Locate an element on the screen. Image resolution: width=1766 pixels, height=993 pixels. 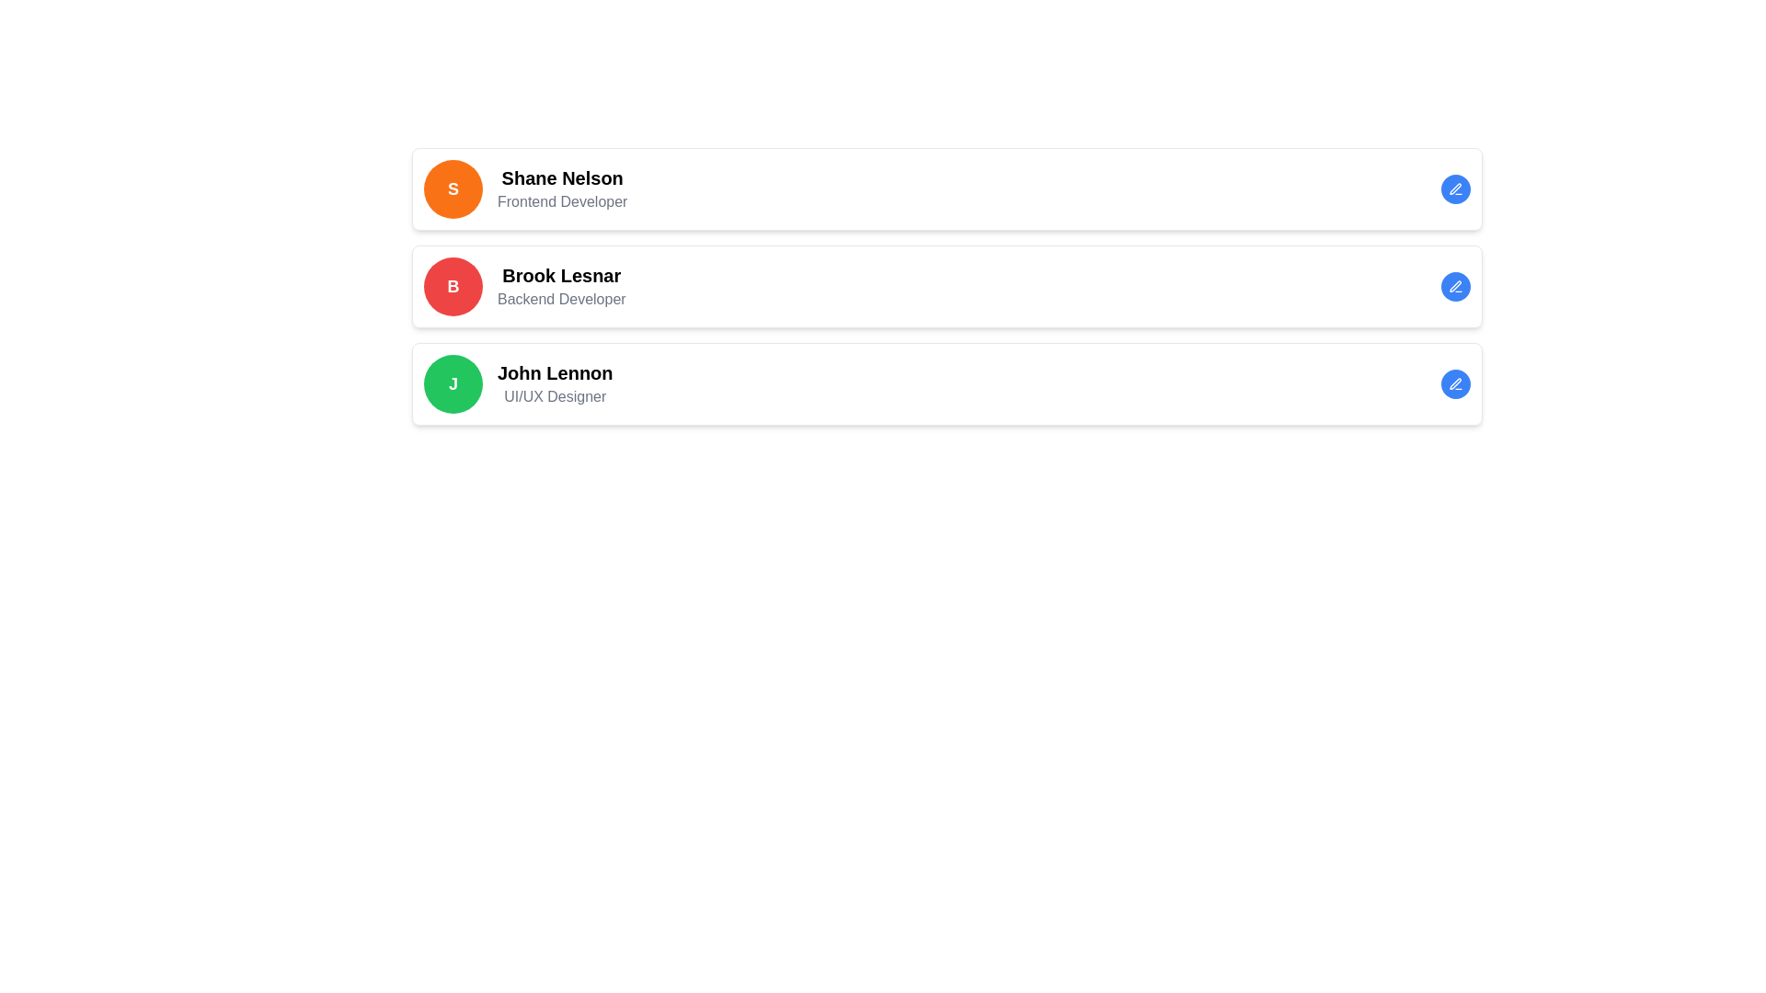
text label displaying the name 'Shane Nelson', which is positioned at the top of the card beside an orange circular avatar is located at coordinates (561, 177).